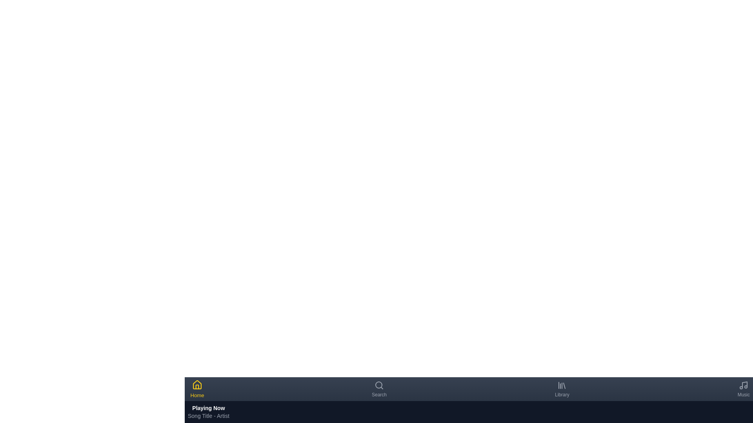 This screenshot has height=423, width=753. What do you see at coordinates (208, 412) in the screenshot?
I see `the 'Playing Now' section to view the currently playing song details` at bounding box center [208, 412].